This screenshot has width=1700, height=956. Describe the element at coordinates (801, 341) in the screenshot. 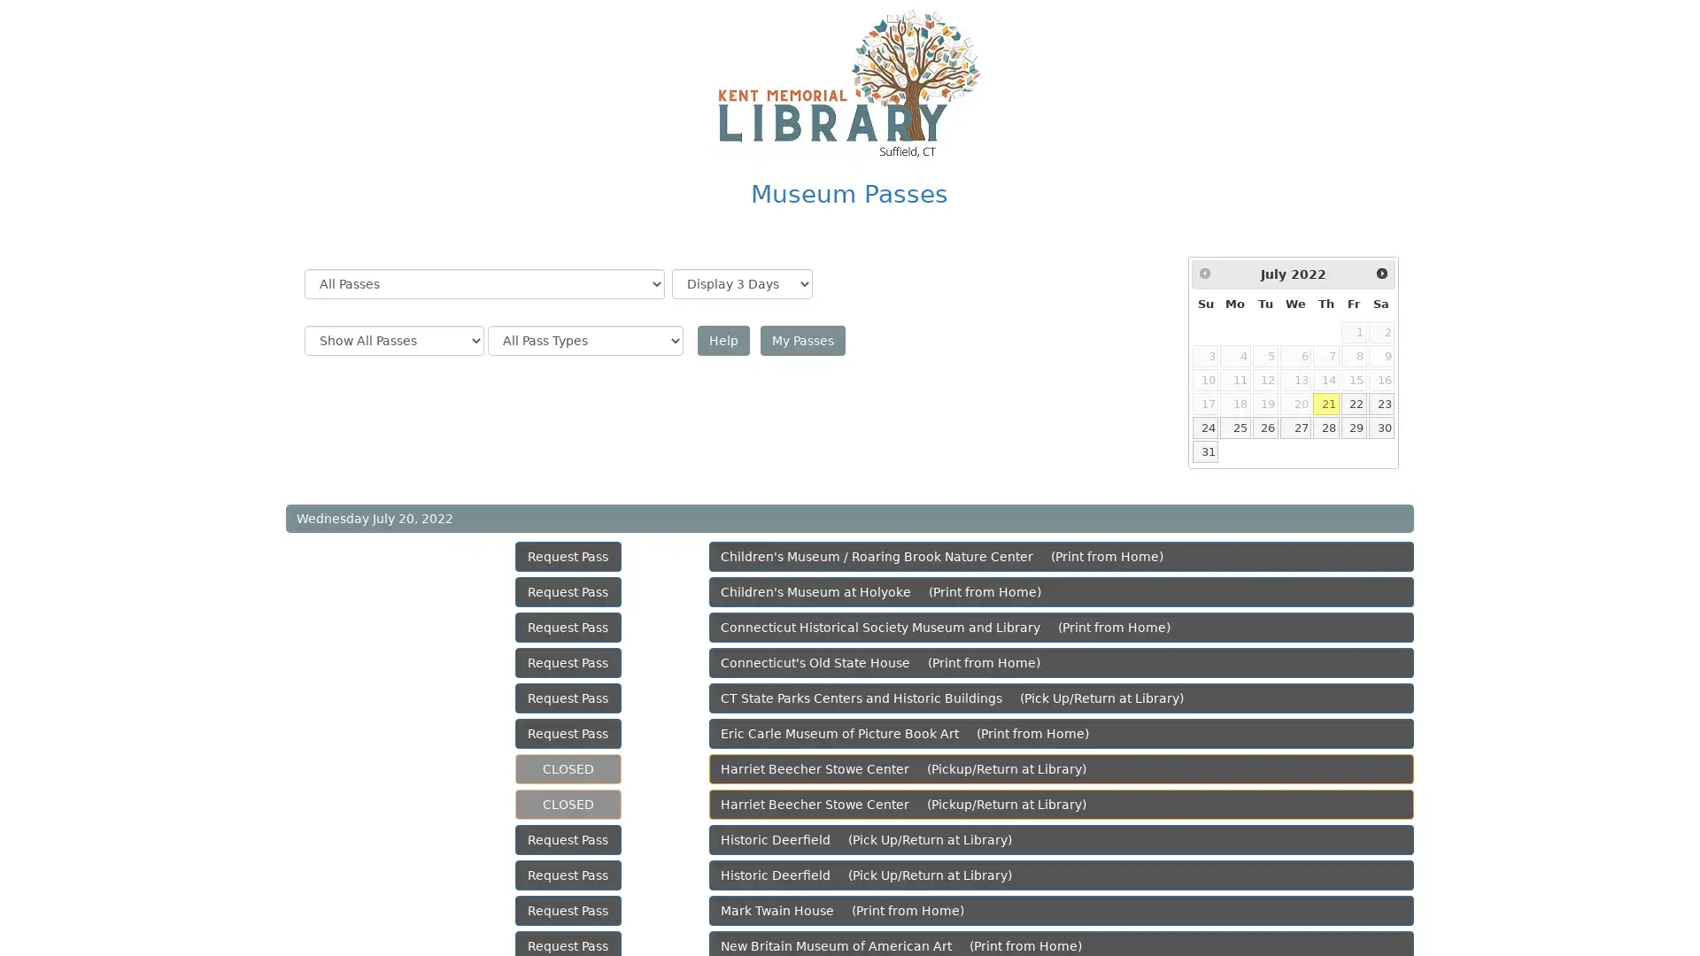

I see `My Passes` at that location.